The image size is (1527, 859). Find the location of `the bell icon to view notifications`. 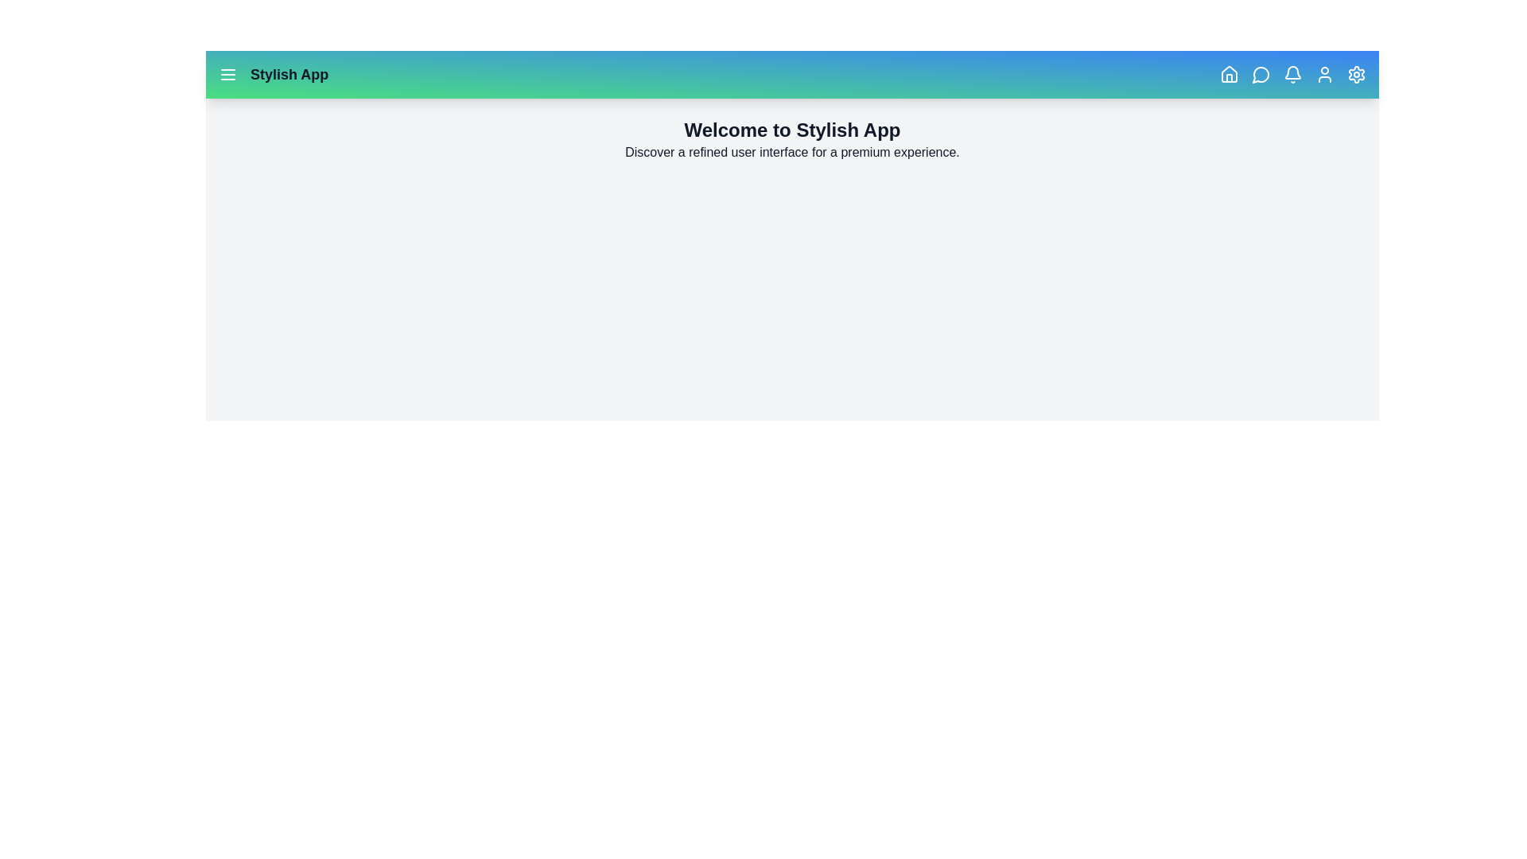

the bell icon to view notifications is located at coordinates (1293, 74).